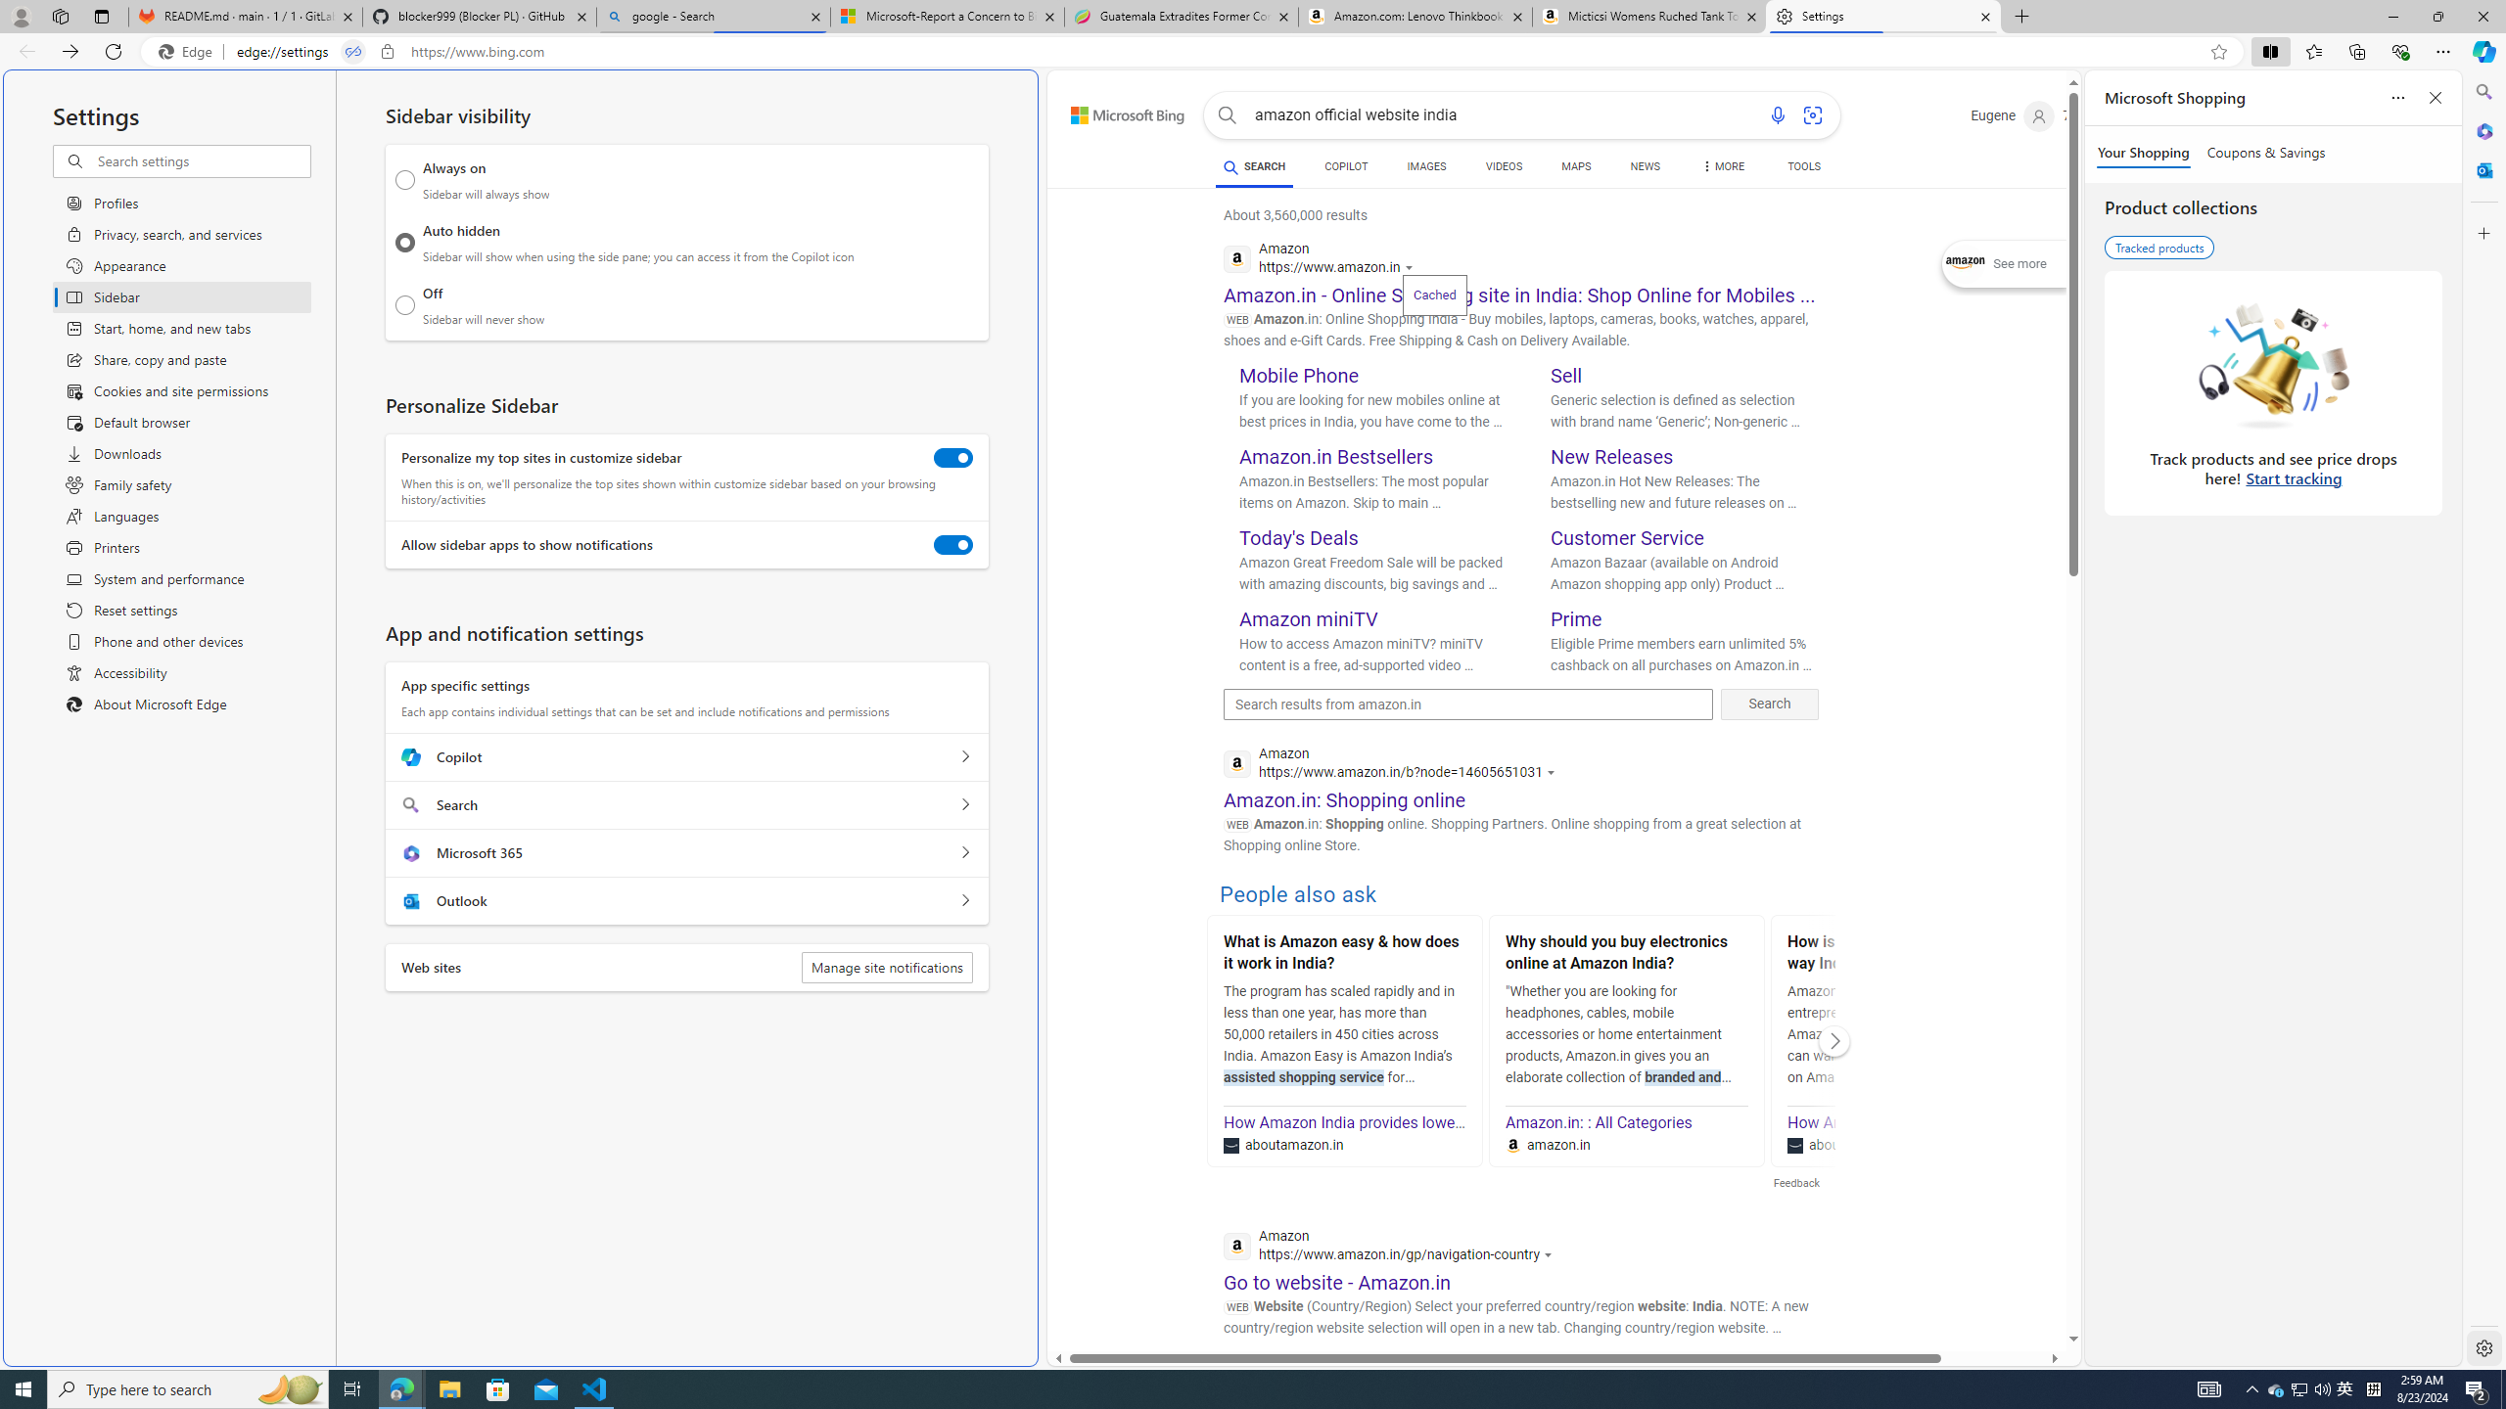 The height and width of the screenshot is (1409, 2506). Describe the element at coordinates (886, 967) in the screenshot. I see `'Manage site notifications'` at that location.